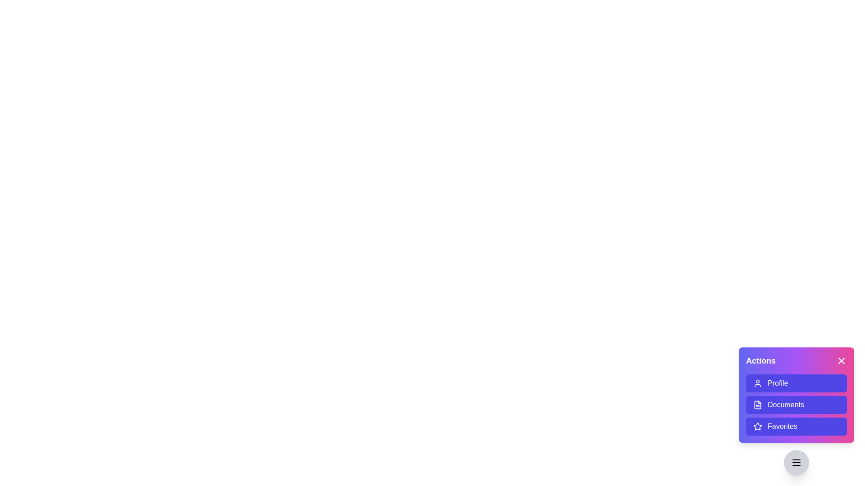 This screenshot has width=865, height=486. I want to click on the circular menu button located at the bottom-right corner of the 'Actions' panel, which has three horizontal black lines on a neutral gray background, so click(796, 463).